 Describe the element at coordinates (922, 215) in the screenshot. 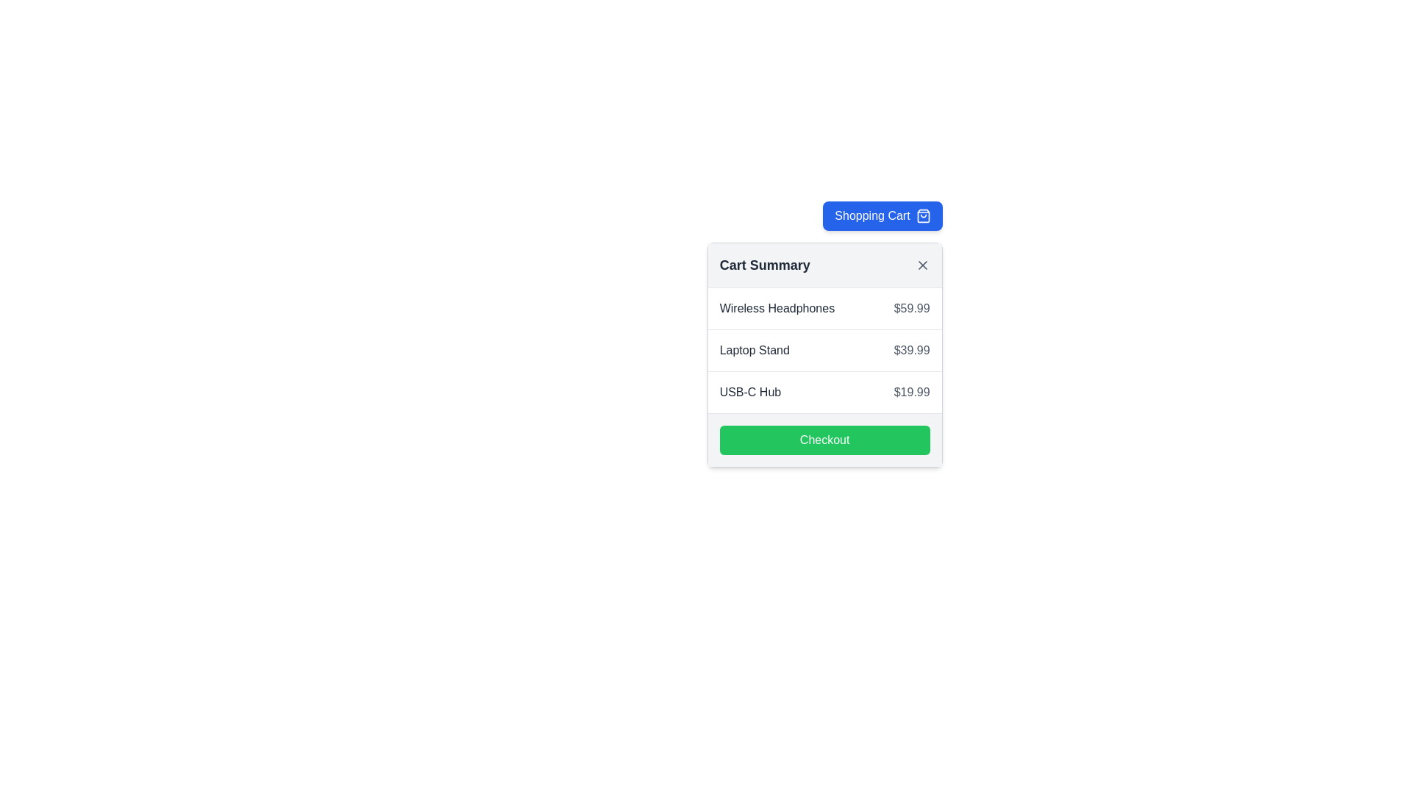

I see `the shopping bag icon located within the 'Shopping Cart' button` at that location.